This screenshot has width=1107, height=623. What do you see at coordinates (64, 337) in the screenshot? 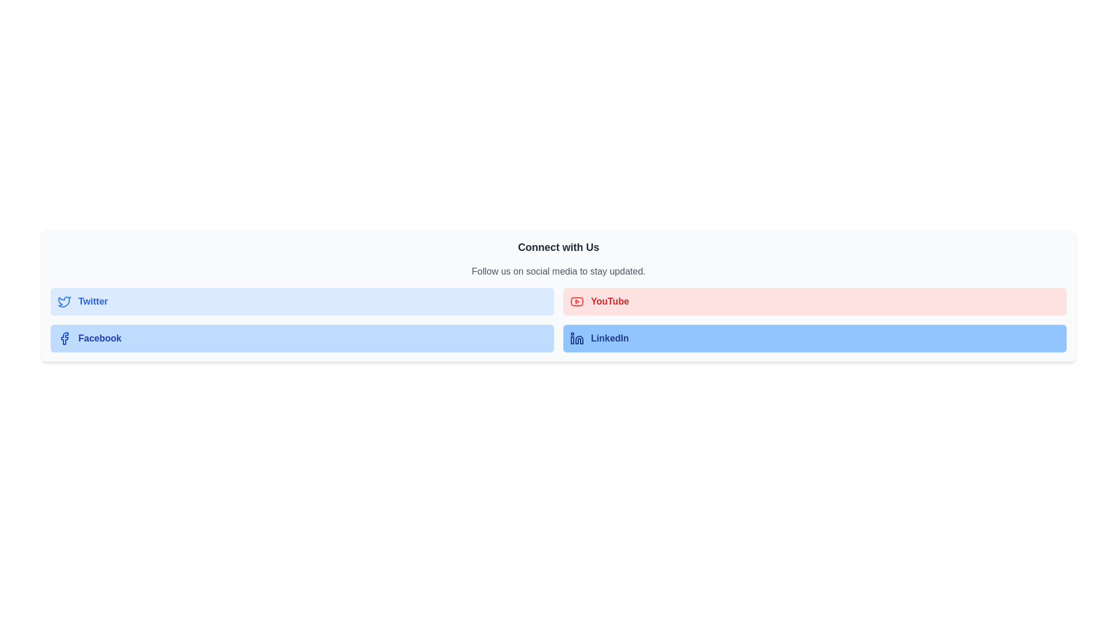
I see `the Facebook icon located at the top of the Facebook button group in the bottom left section of the interface to follow the associated action` at bounding box center [64, 337].